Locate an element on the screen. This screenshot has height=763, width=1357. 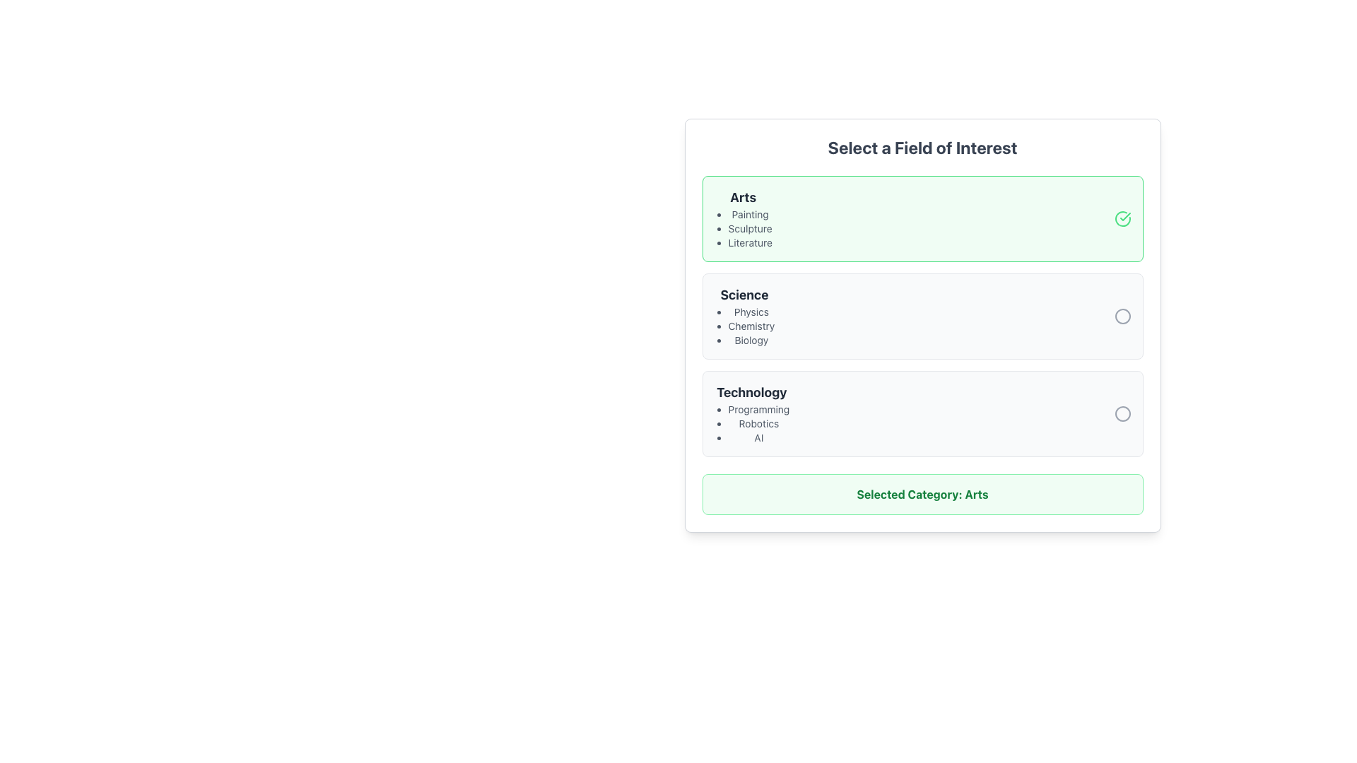
the 'Technology' category title, which is a non-interactive text label positioned in the middle-right part of the interface, indicating the content below it is located at coordinates (751, 392).